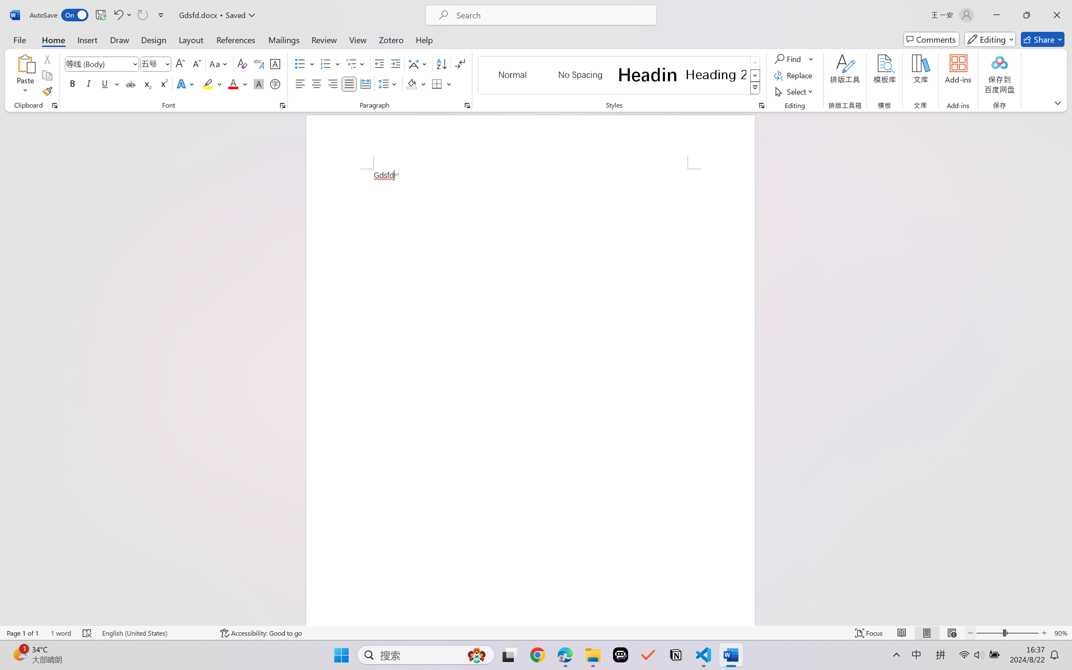  What do you see at coordinates (300, 83) in the screenshot?
I see `'Align Left'` at bounding box center [300, 83].